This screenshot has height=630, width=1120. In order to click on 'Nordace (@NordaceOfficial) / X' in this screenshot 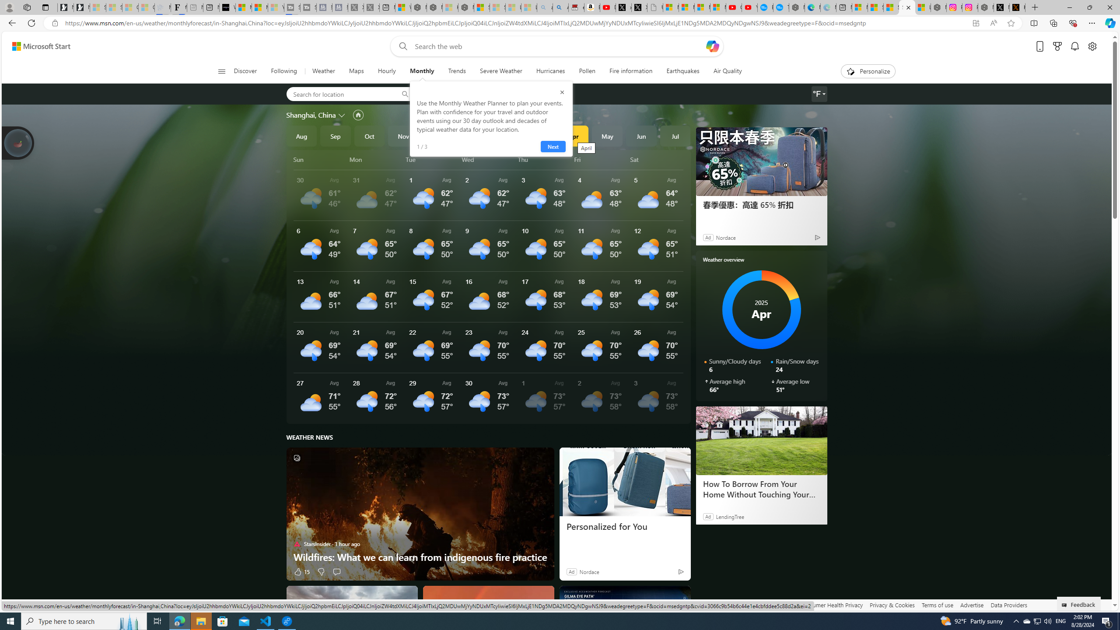, I will do `click(1001, 7)`.